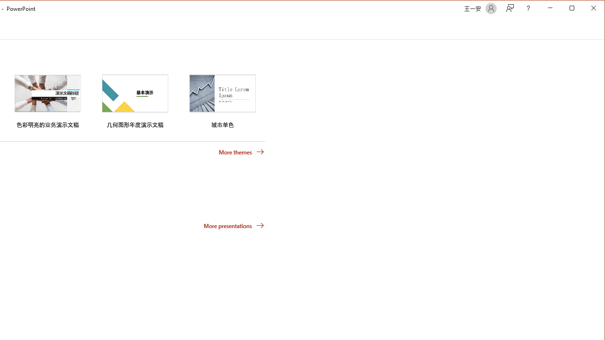  What do you see at coordinates (241, 151) in the screenshot?
I see `'More themes'` at bounding box center [241, 151].